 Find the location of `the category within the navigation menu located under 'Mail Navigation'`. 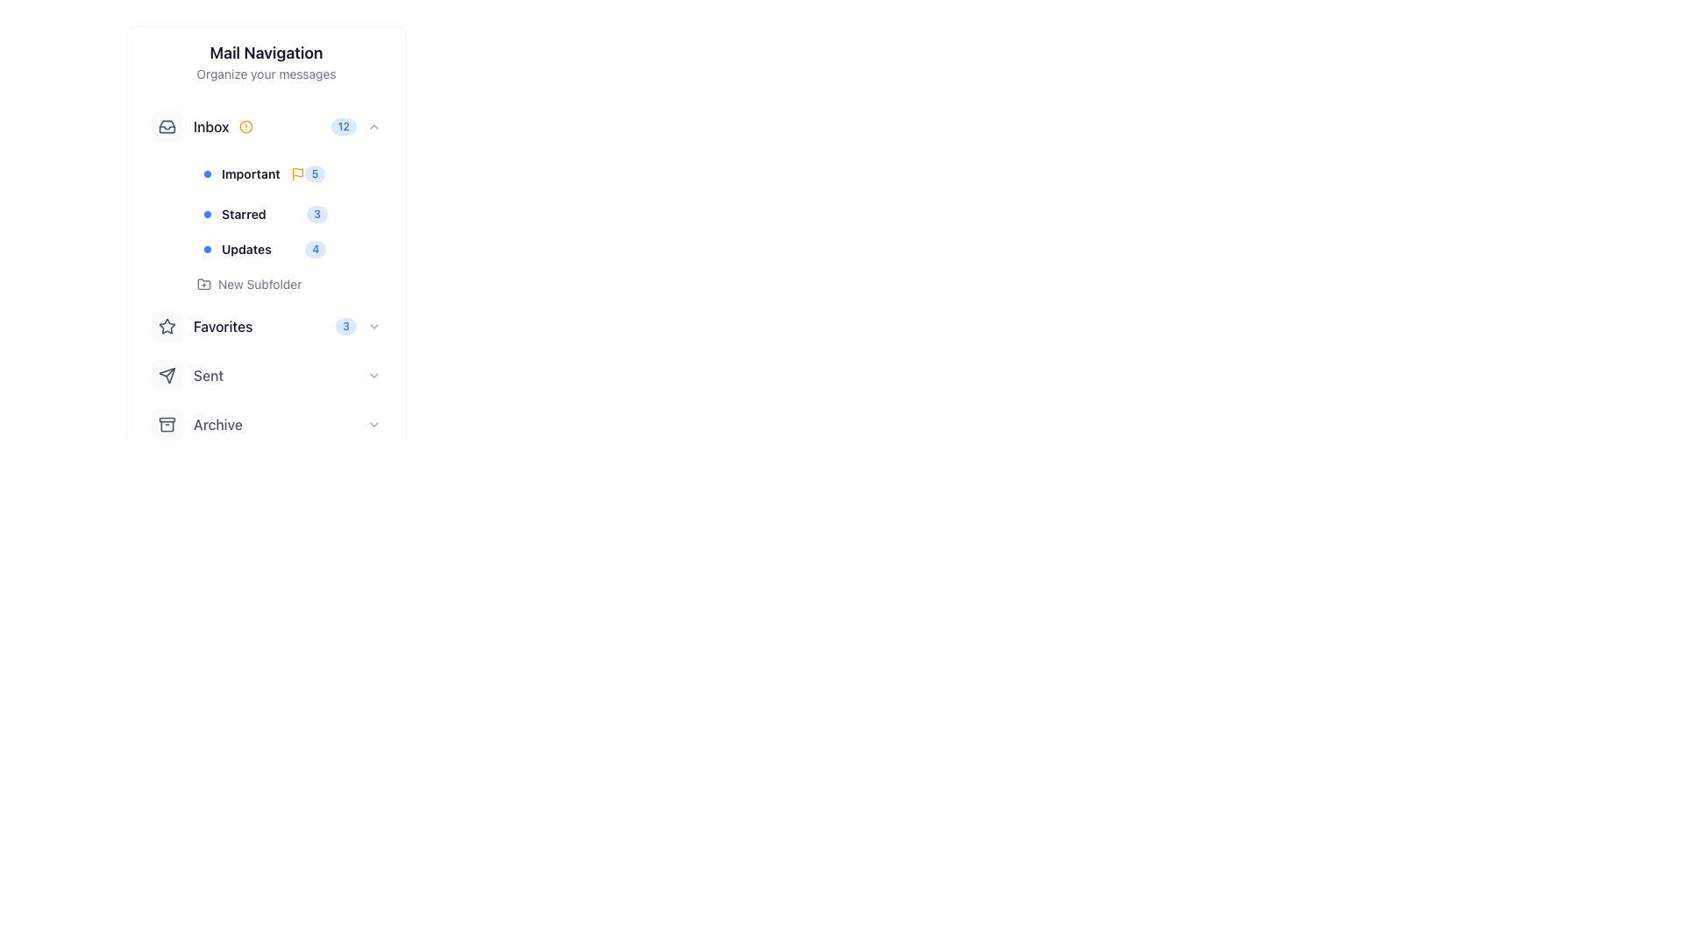

the category within the navigation menu located under 'Mail Navigation' is located at coordinates (265, 201).